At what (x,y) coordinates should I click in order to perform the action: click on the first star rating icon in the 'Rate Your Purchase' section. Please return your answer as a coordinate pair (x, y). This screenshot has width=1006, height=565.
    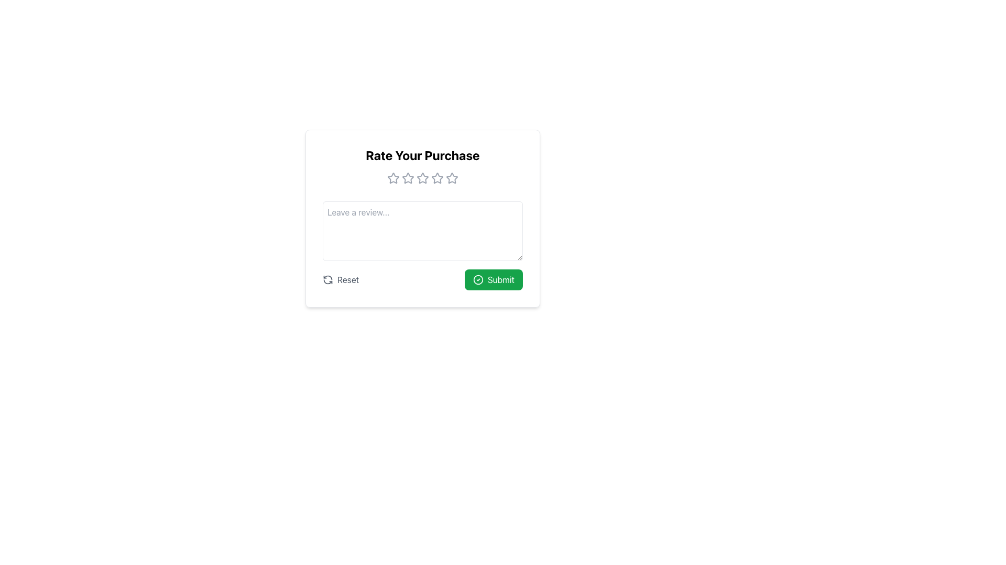
    Looking at the image, I should click on (392, 177).